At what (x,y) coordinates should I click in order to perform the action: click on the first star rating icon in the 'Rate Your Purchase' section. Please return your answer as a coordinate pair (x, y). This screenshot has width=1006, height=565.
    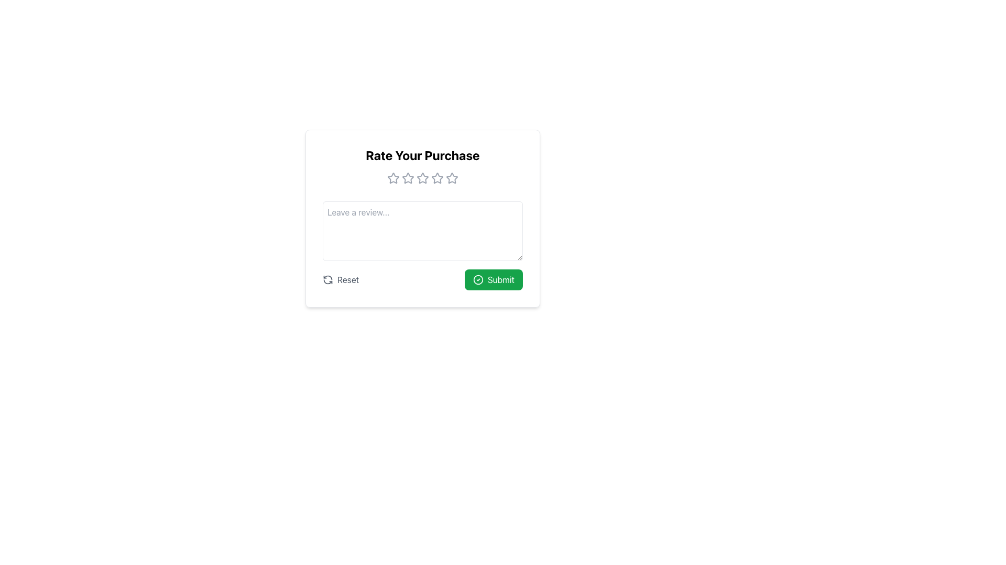
    Looking at the image, I should click on (392, 177).